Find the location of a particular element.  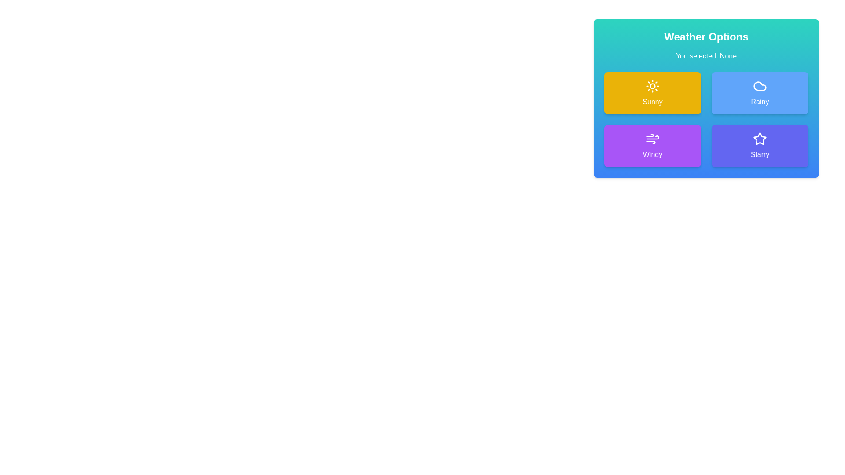

the rain icon that visually represents the concept of rainy weather, located at the top-center of the 'Rainy' card in the weather selection interface is located at coordinates (760, 86).